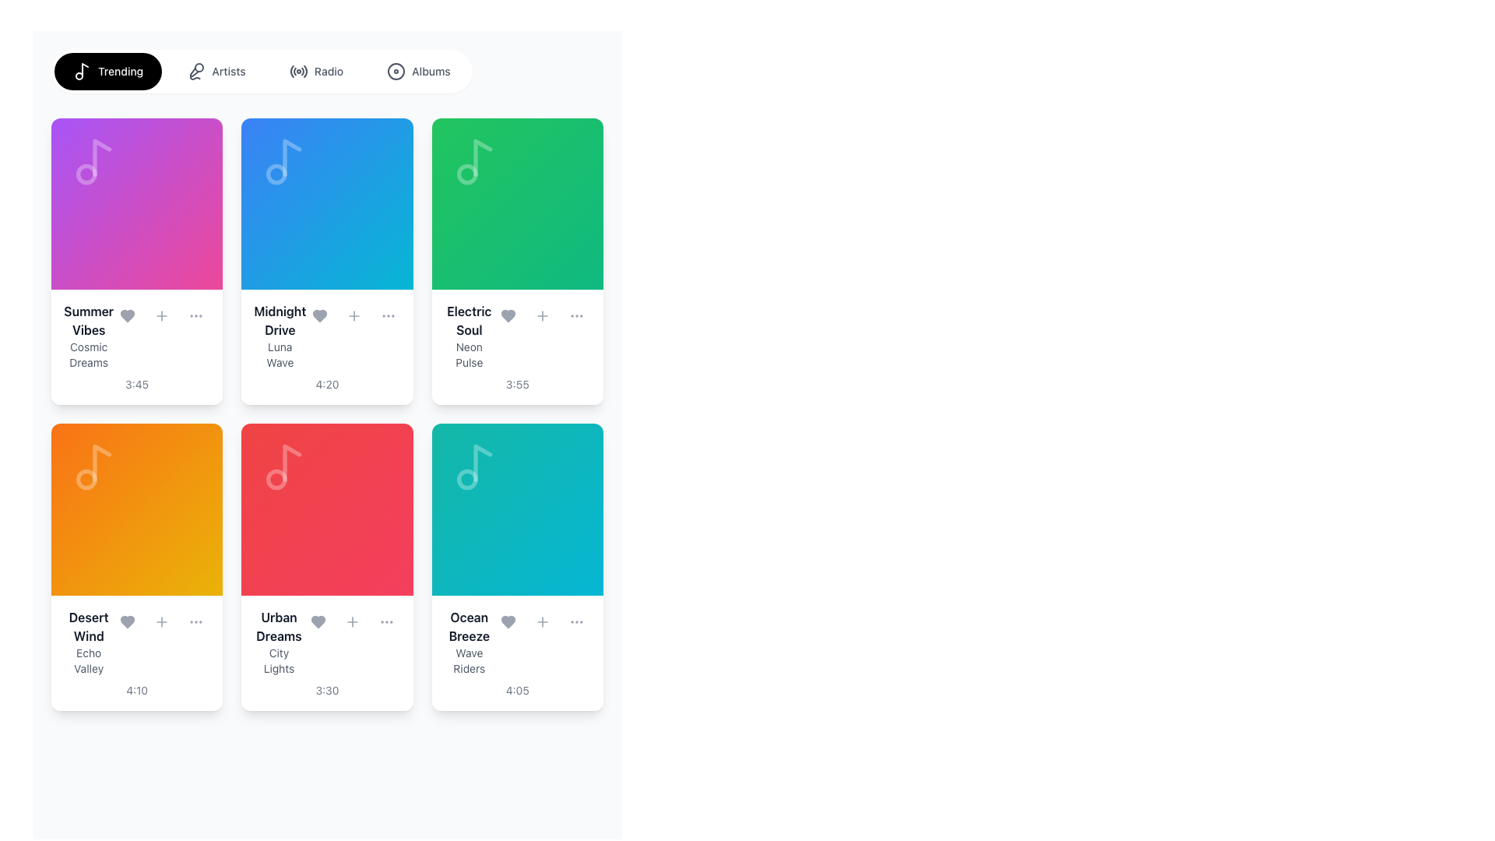 This screenshot has width=1495, height=841. What do you see at coordinates (128, 621) in the screenshot?
I see `the heart-shaped icon in the second row, first column of the music card below the title 'Desert Wind'` at bounding box center [128, 621].